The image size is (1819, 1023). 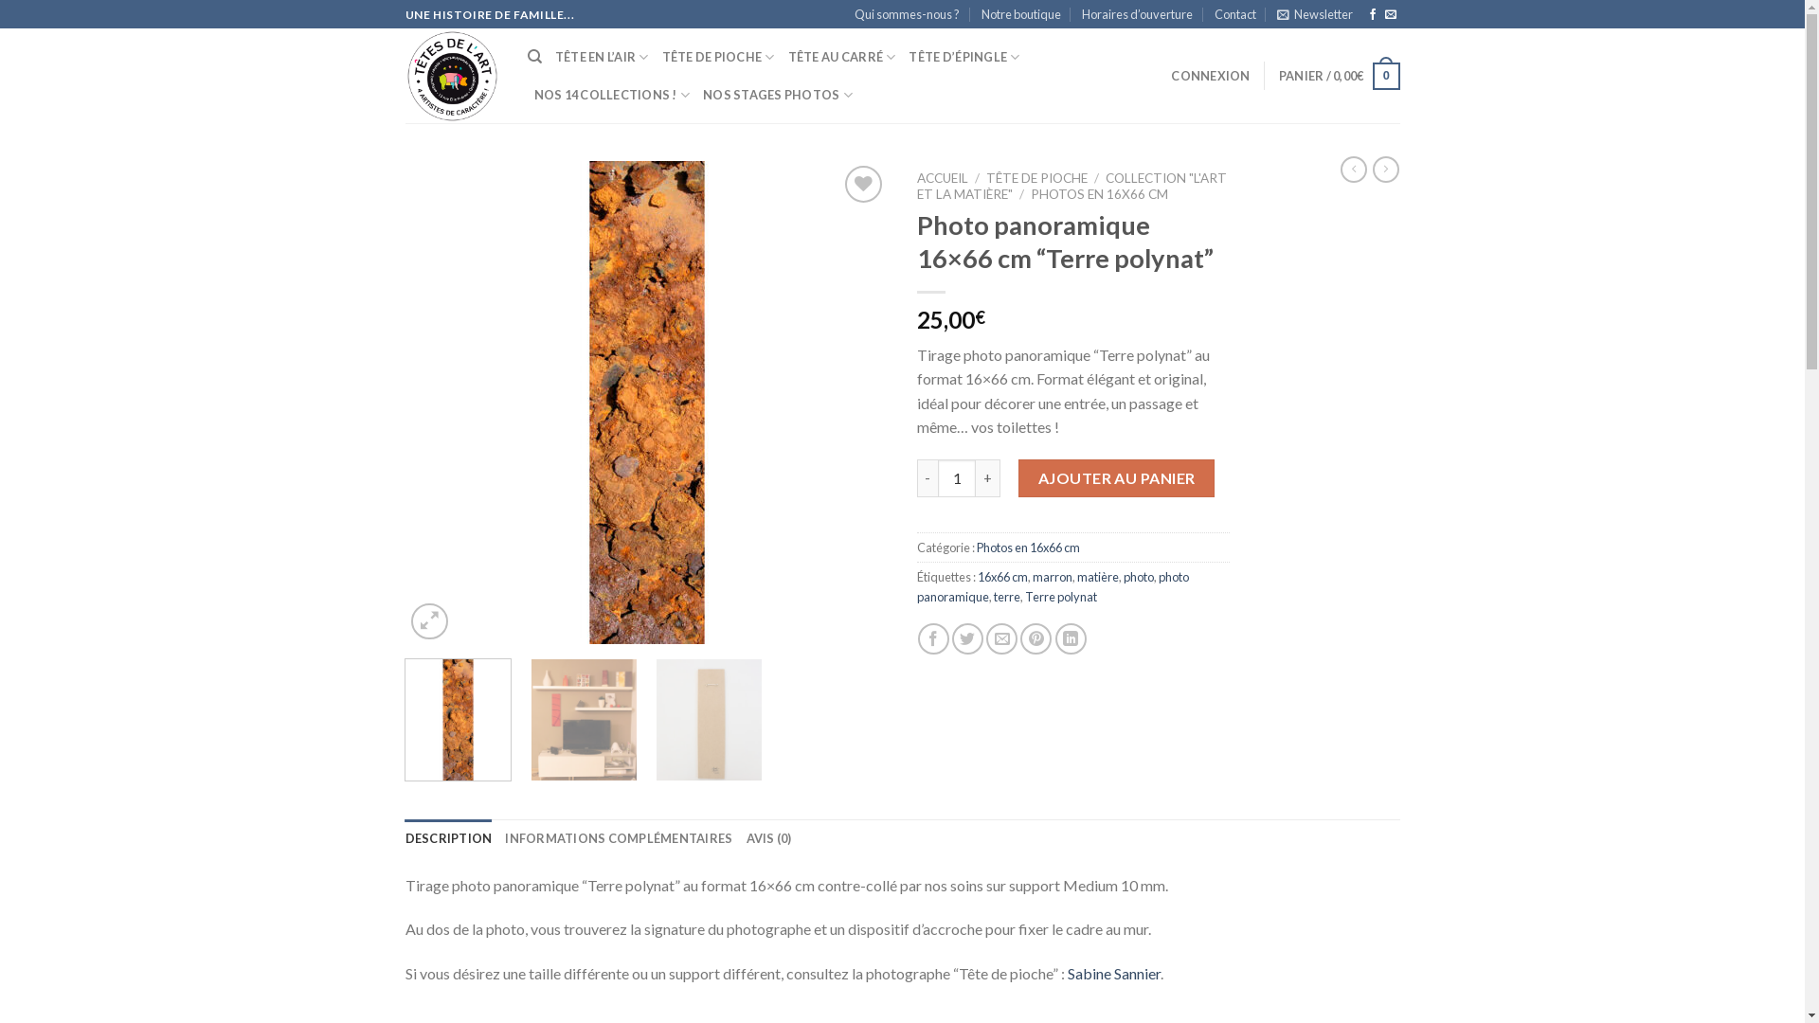 I want to click on 'marron', so click(x=1051, y=576).